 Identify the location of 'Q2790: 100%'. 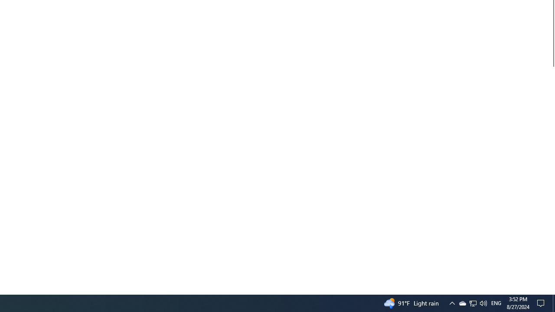
(483, 302).